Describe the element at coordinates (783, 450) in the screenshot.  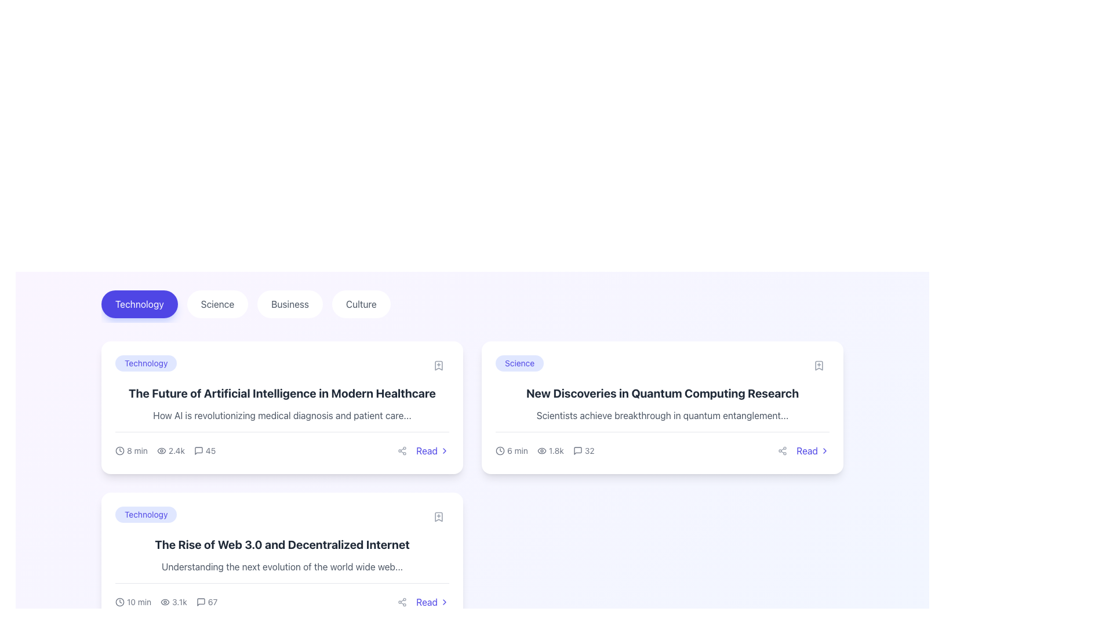
I see `the 'share' icon located at the bottom right of the 'New Discoveries in Quantum Computing Research' card` at that location.